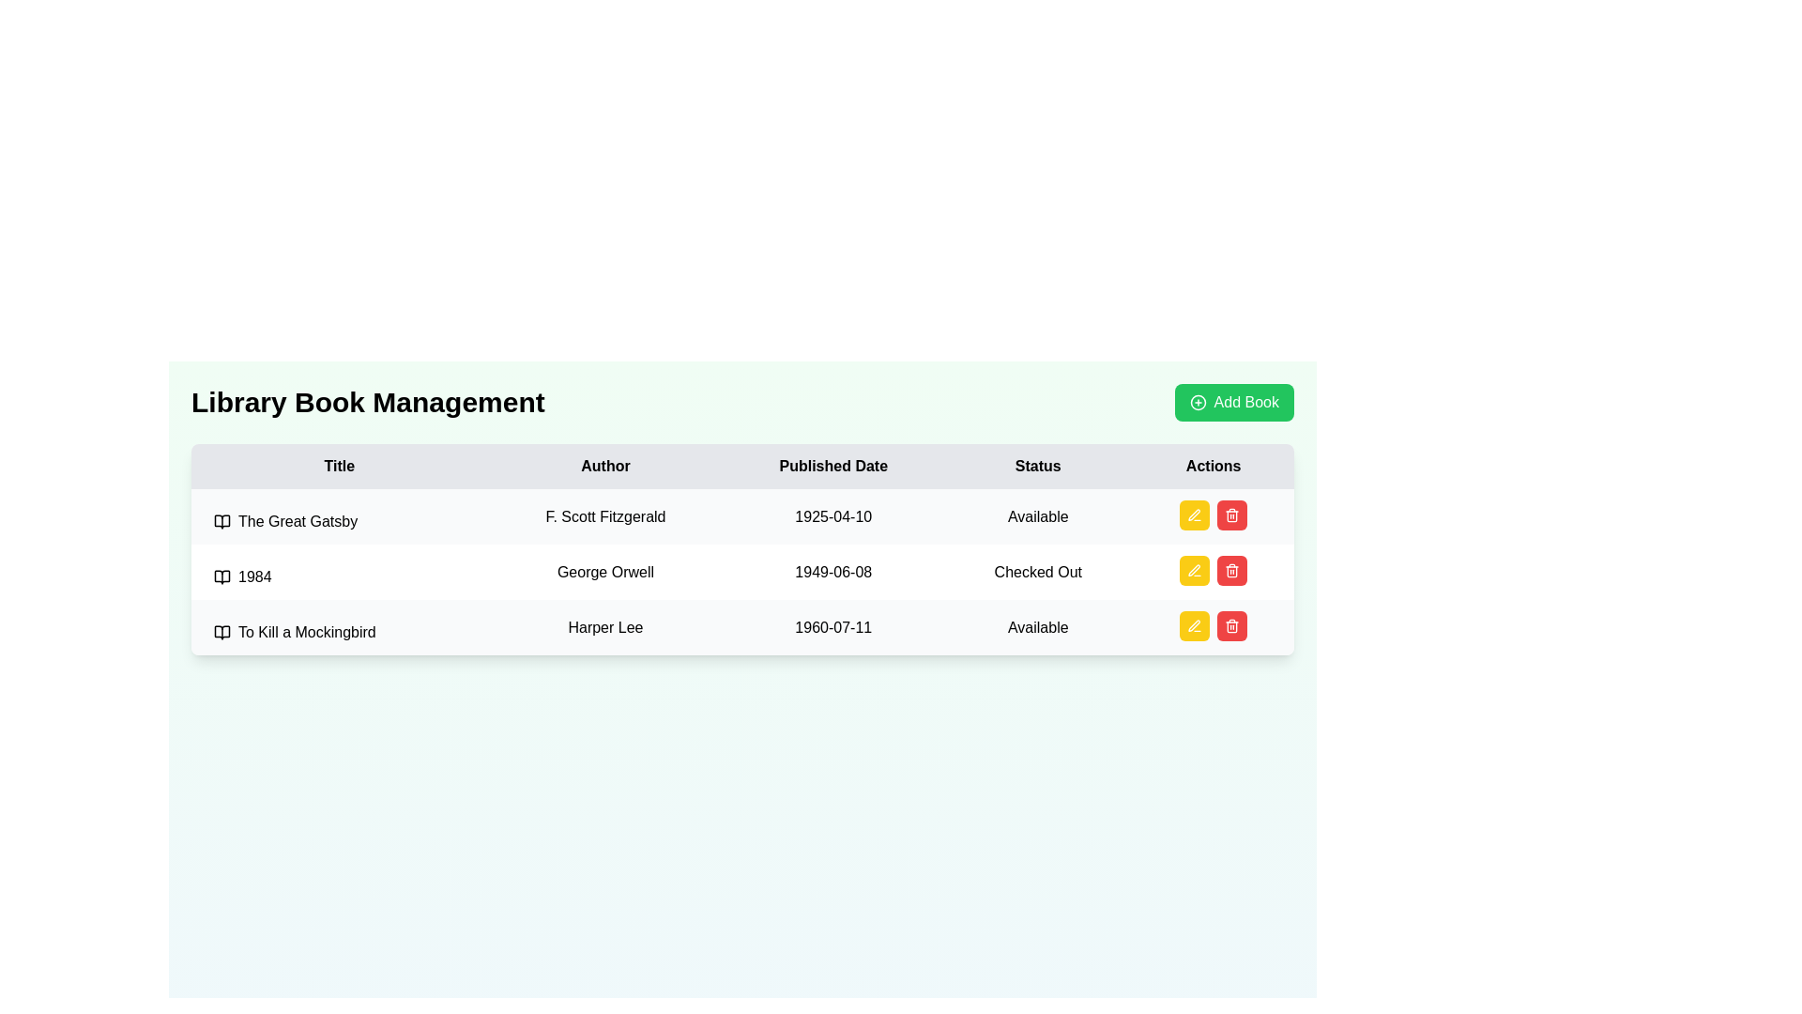 Image resolution: width=1802 pixels, height=1014 pixels. Describe the element at coordinates (221, 576) in the screenshot. I see `the open book icon located in the 'Title' column of the second row, adjacent to the text '1984'` at that location.